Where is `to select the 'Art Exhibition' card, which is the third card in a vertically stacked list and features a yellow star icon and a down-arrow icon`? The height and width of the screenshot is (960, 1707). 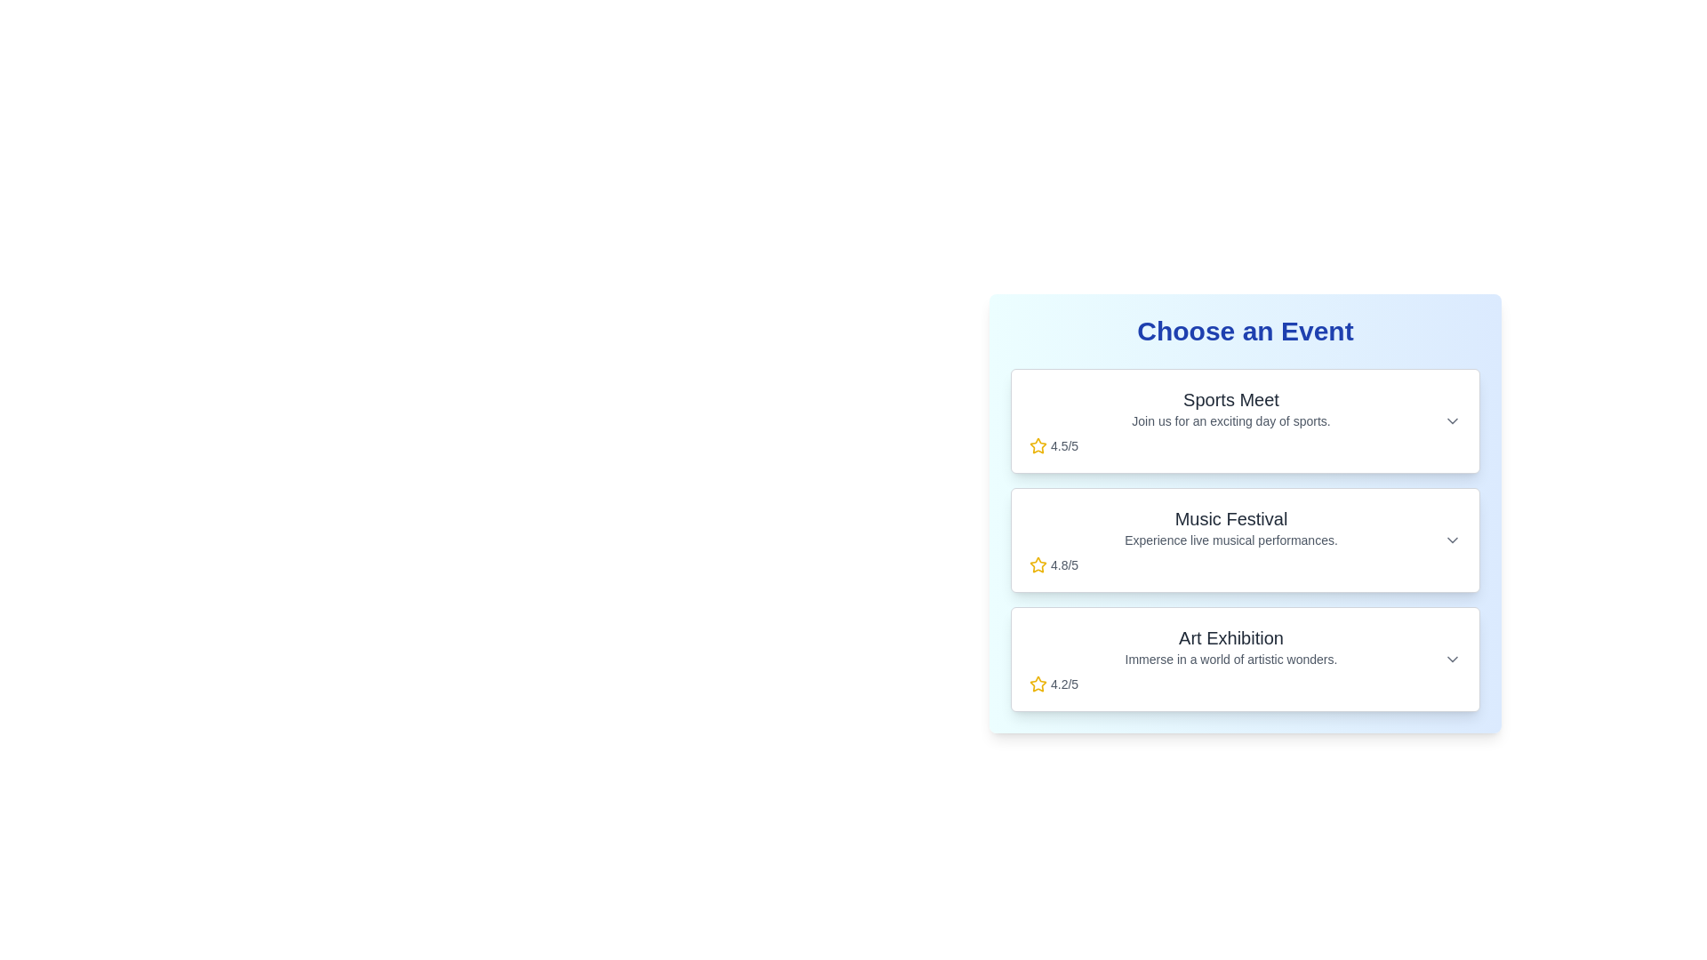
to select the 'Art Exhibition' card, which is the third card in a vertically stacked list and features a yellow star icon and a down-arrow icon is located at coordinates (1245, 659).